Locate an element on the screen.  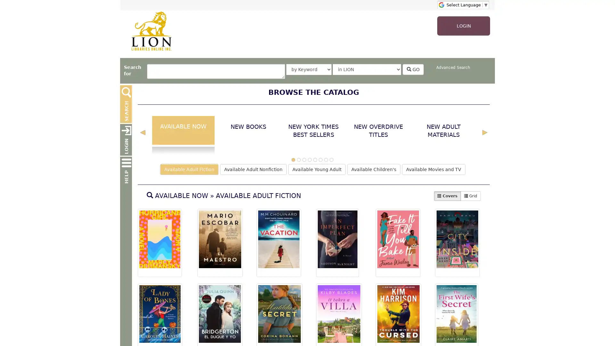
GO is located at coordinates (413, 69).